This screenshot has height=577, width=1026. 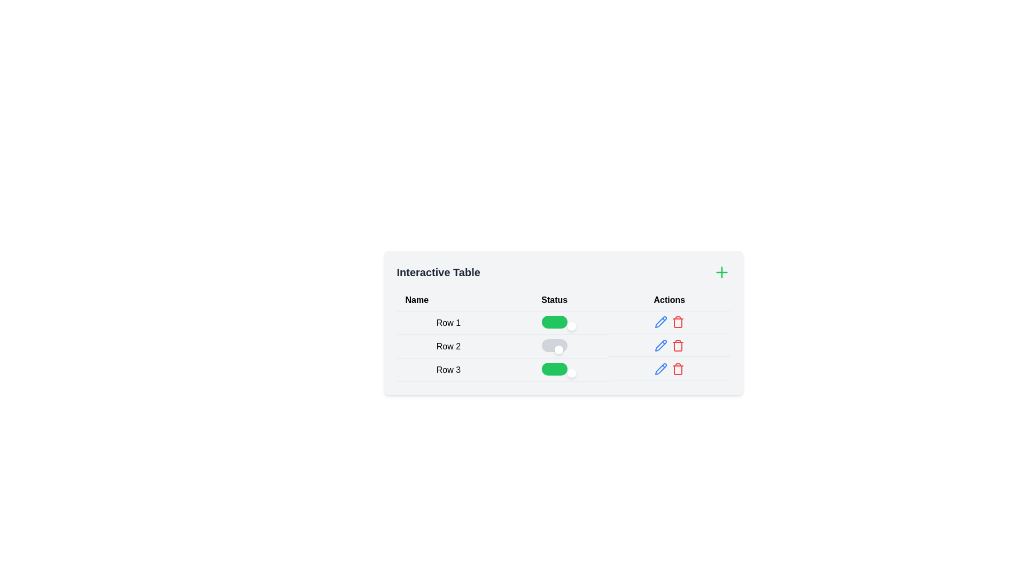 What do you see at coordinates (554, 321) in the screenshot?
I see `the toggle switch in the 'Status' column of the first row of the interactive table to receive potential visual feedback` at bounding box center [554, 321].